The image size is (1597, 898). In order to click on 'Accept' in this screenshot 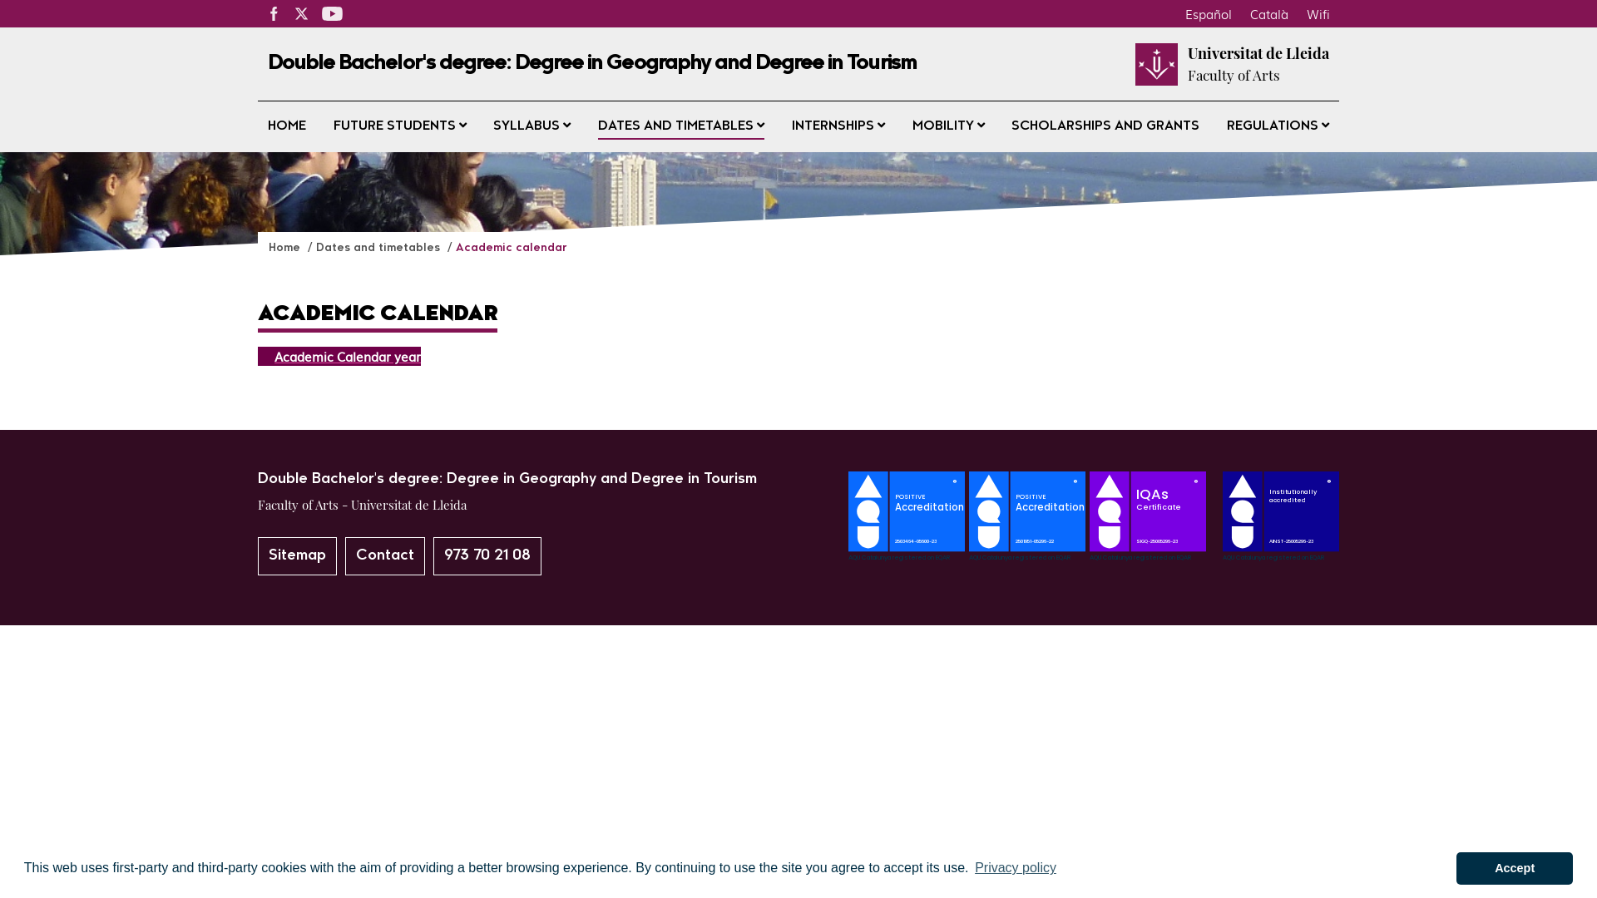, I will do `click(1514, 867)`.